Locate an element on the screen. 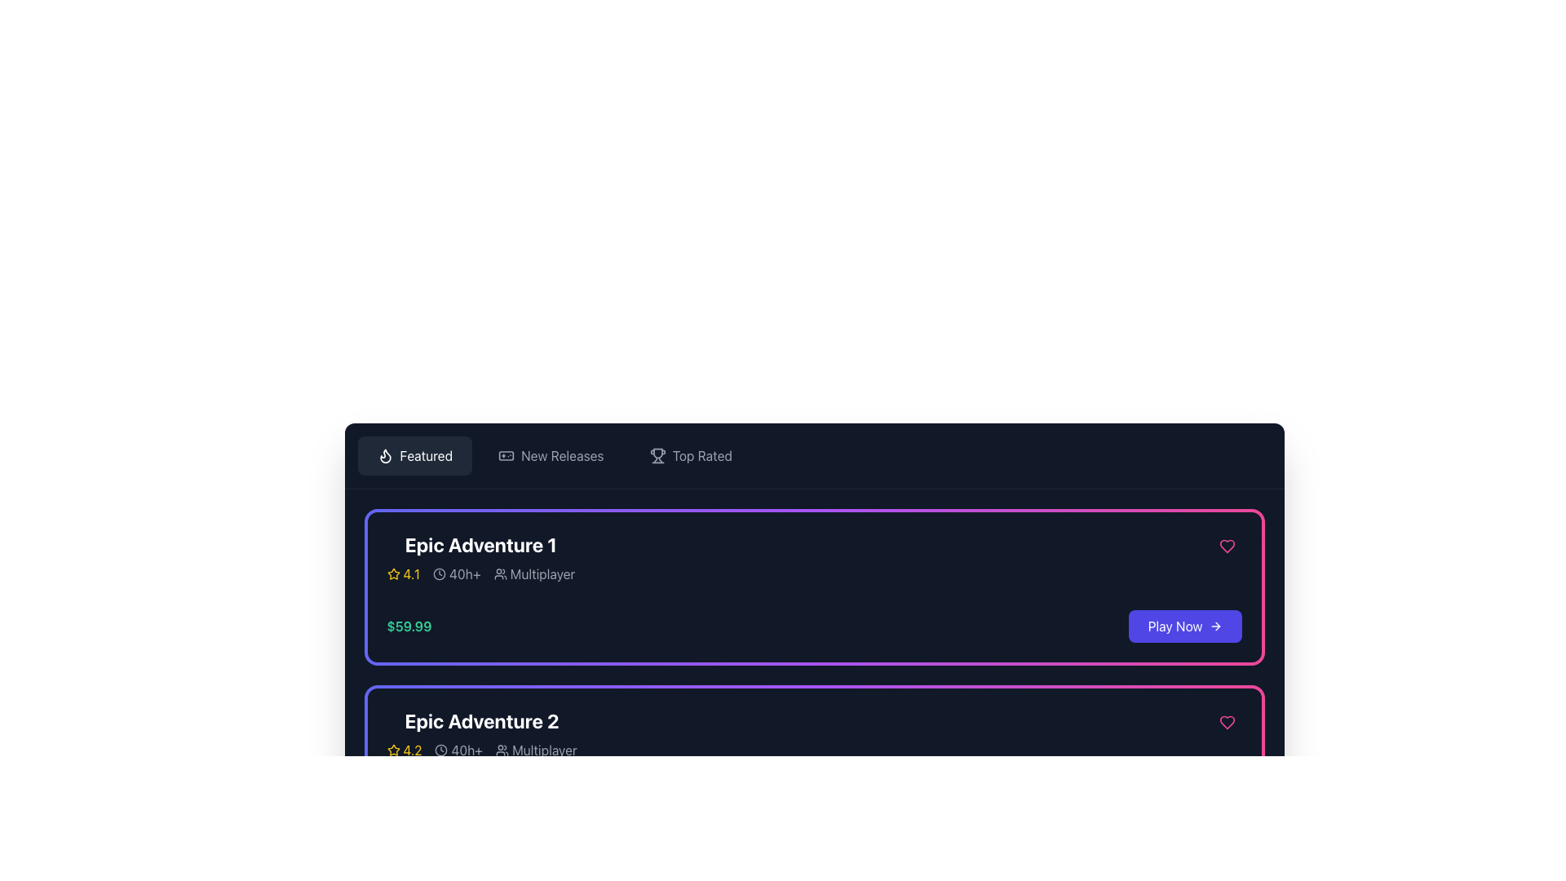 This screenshot has height=881, width=1566. the rating score displayed as '4.1' in yellow font next to the outlined star icon, which is part of the rating component for the product card labeled 'Epic Adventure 1' is located at coordinates (403, 573).